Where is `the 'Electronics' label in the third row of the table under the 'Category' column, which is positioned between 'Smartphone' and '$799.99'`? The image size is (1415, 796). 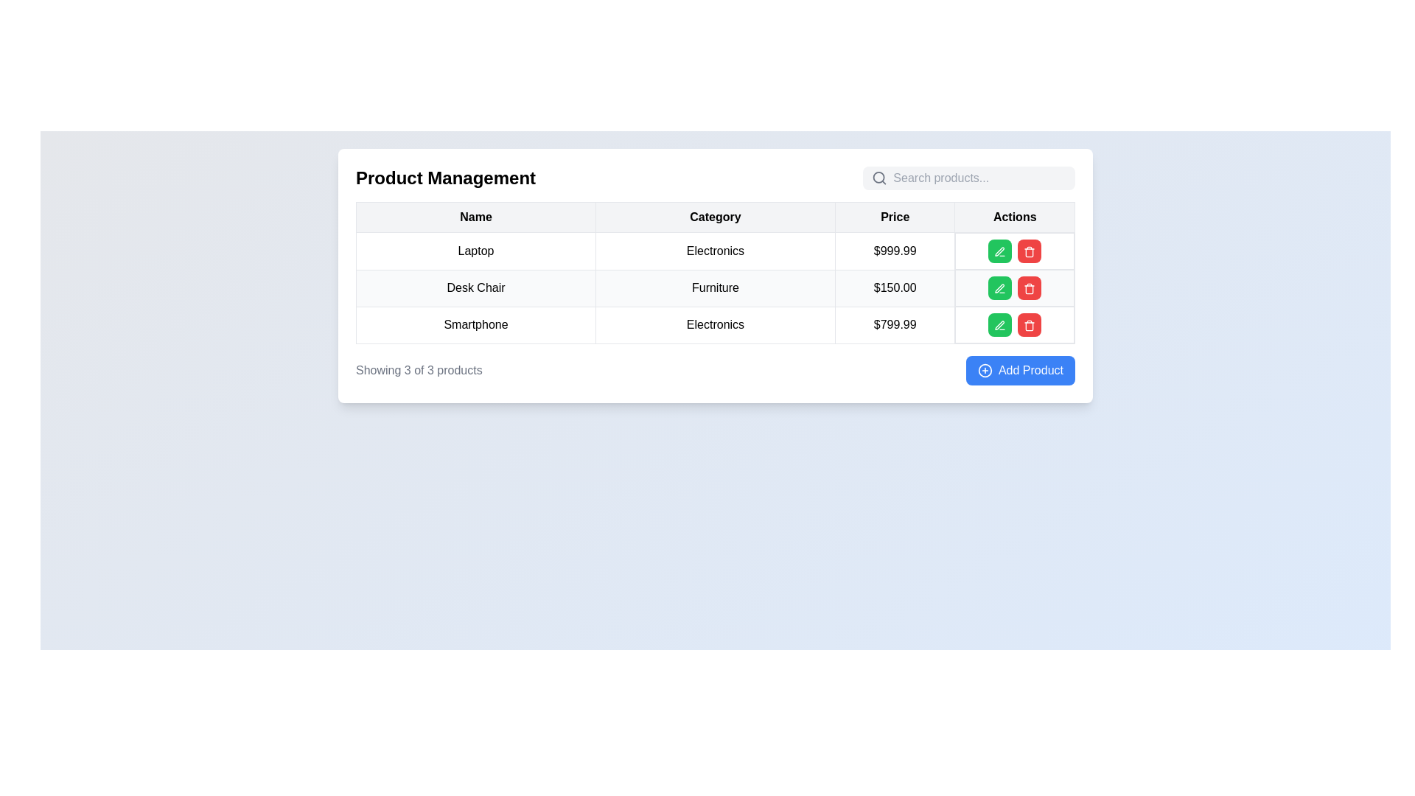
the 'Electronics' label in the third row of the table under the 'Category' column, which is positioned between 'Smartphone' and '$799.99' is located at coordinates (715, 324).